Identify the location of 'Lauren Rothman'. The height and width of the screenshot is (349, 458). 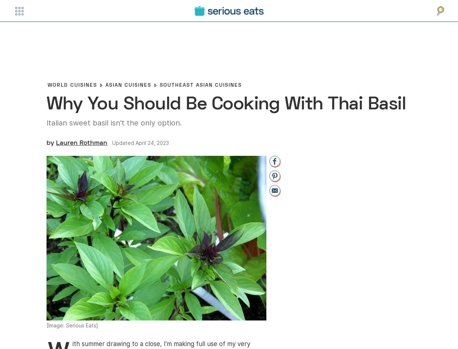
(56, 143).